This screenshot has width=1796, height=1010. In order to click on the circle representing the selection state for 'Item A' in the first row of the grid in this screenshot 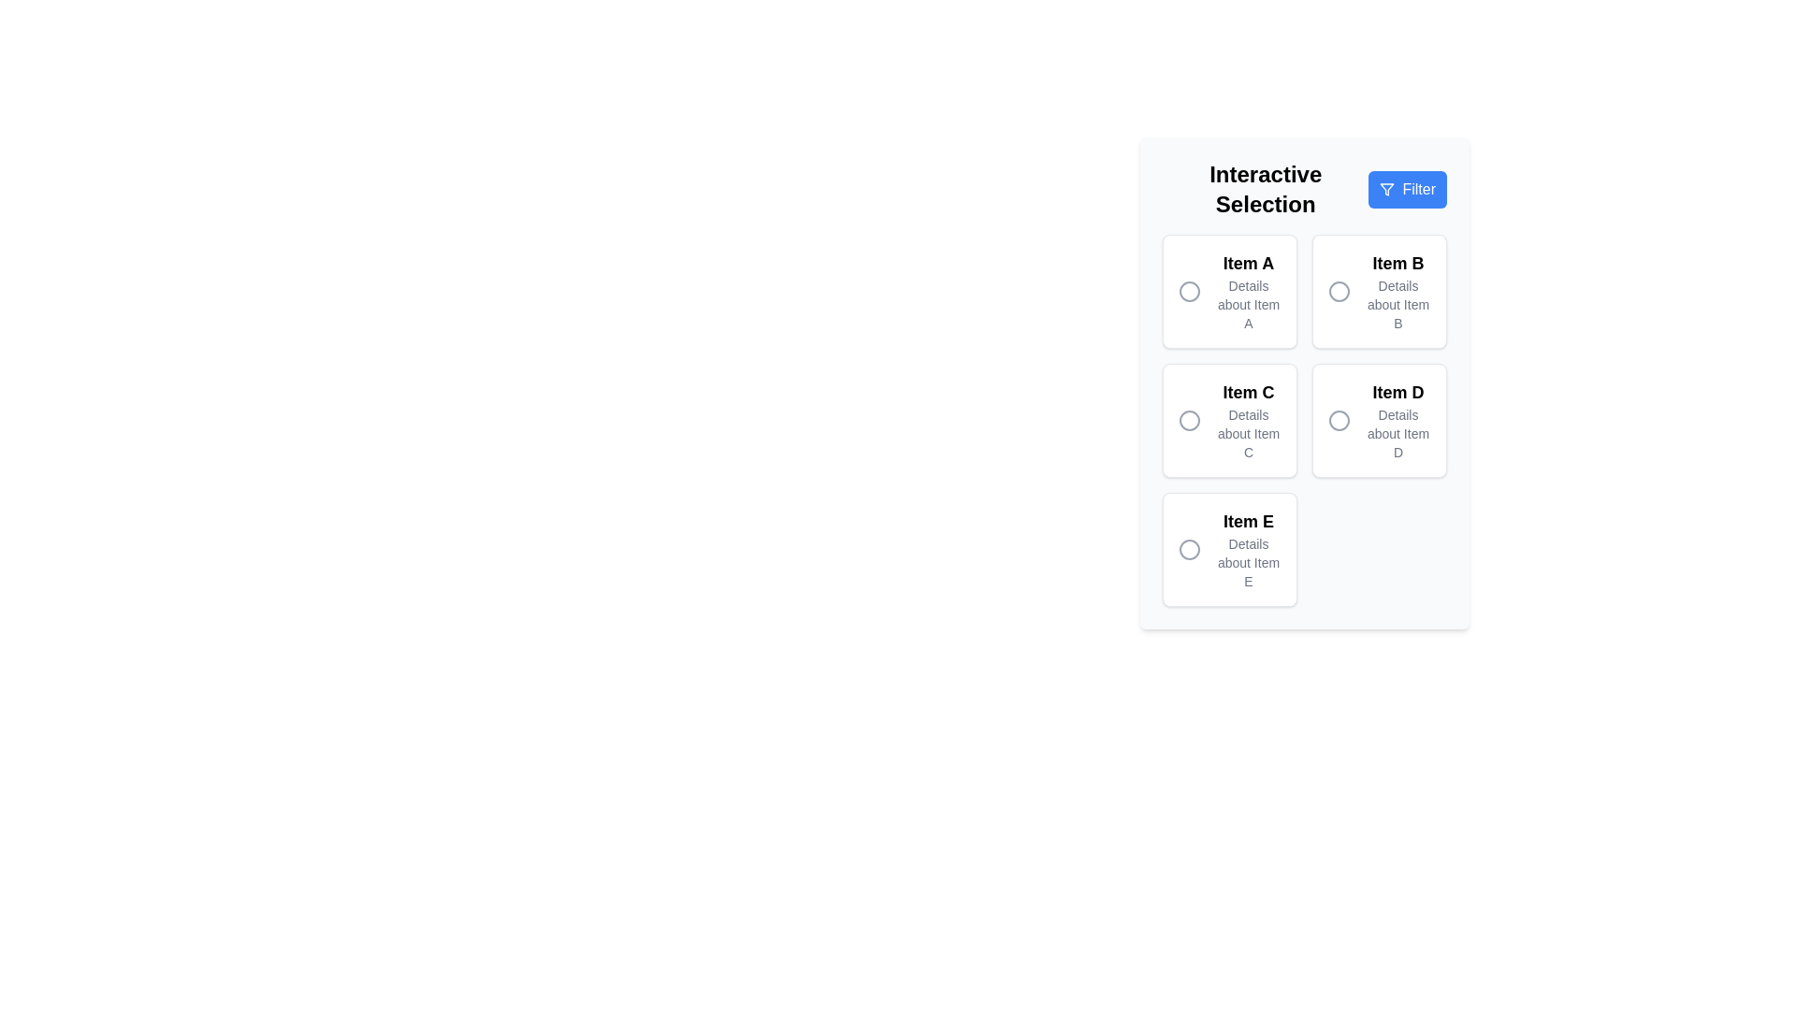, I will do `click(1189, 292)`.